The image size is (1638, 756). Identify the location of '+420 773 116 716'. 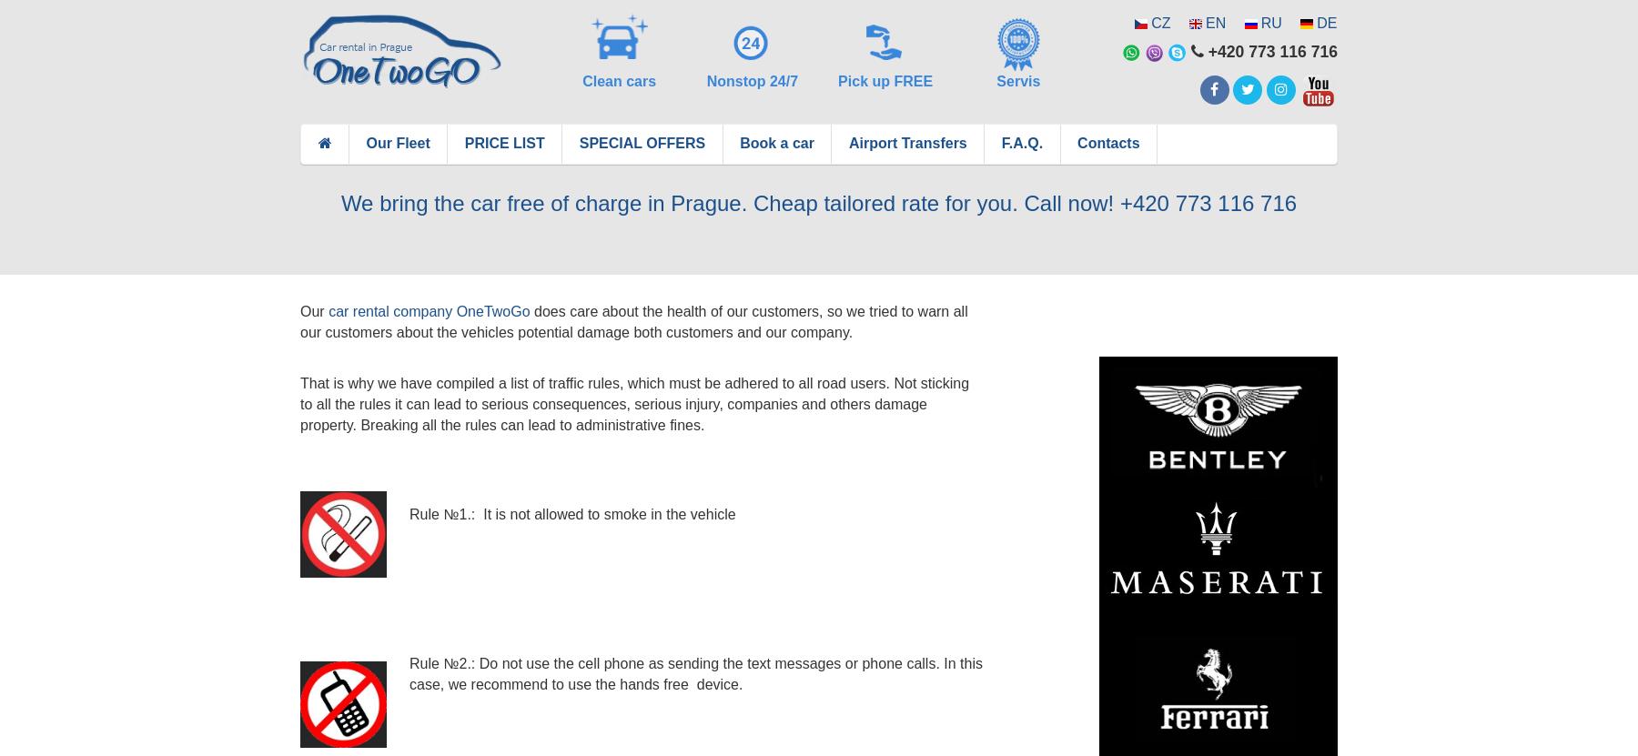
(1269, 51).